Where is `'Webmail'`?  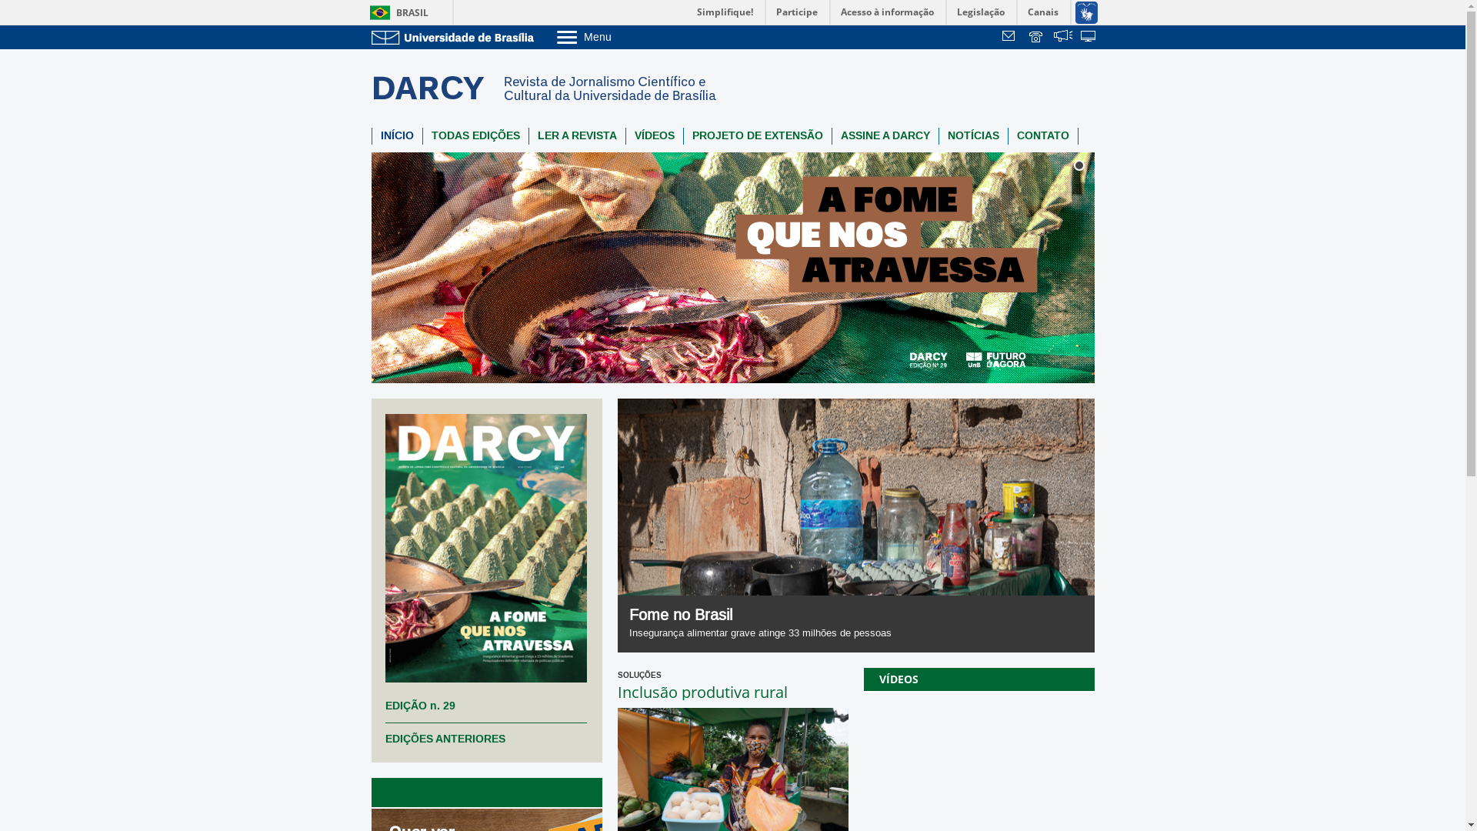
'Webmail' is located at coordinates (1011, 37).